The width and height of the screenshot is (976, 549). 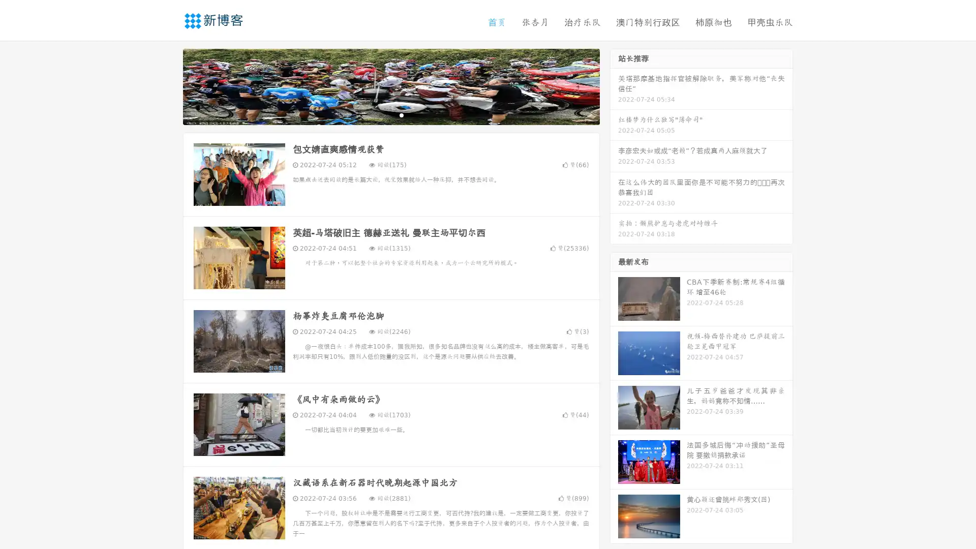 I want to click on Previous slide, so click(x=168, y=85).